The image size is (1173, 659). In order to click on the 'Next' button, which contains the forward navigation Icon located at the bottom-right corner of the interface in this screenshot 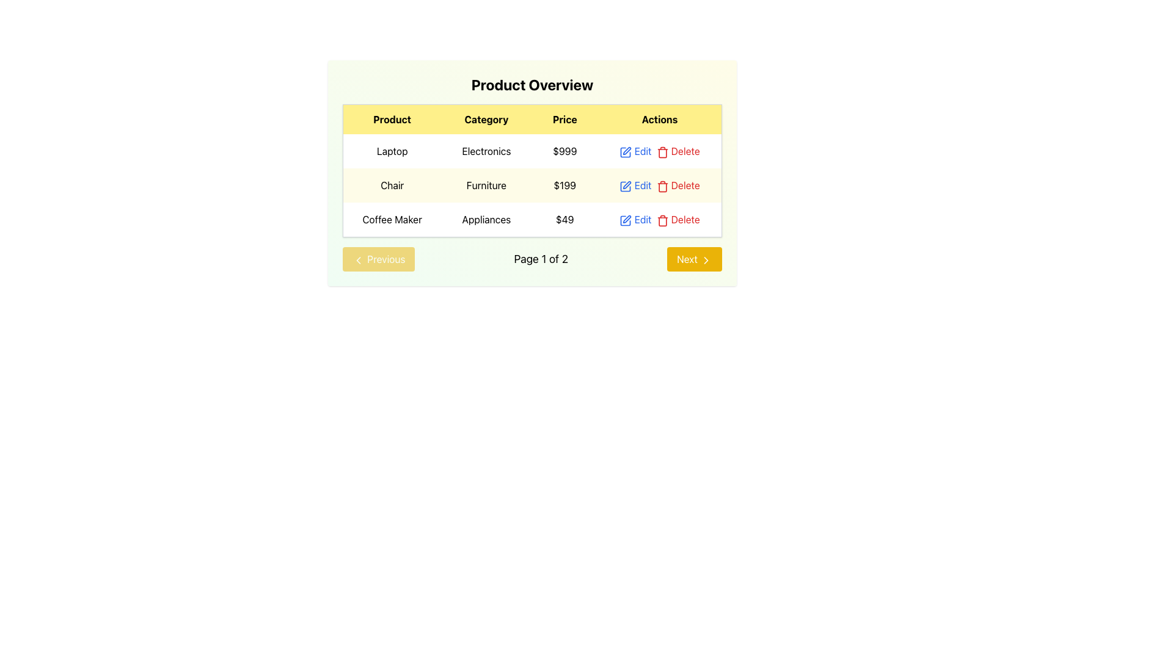, I will do `click(706, 259)`.